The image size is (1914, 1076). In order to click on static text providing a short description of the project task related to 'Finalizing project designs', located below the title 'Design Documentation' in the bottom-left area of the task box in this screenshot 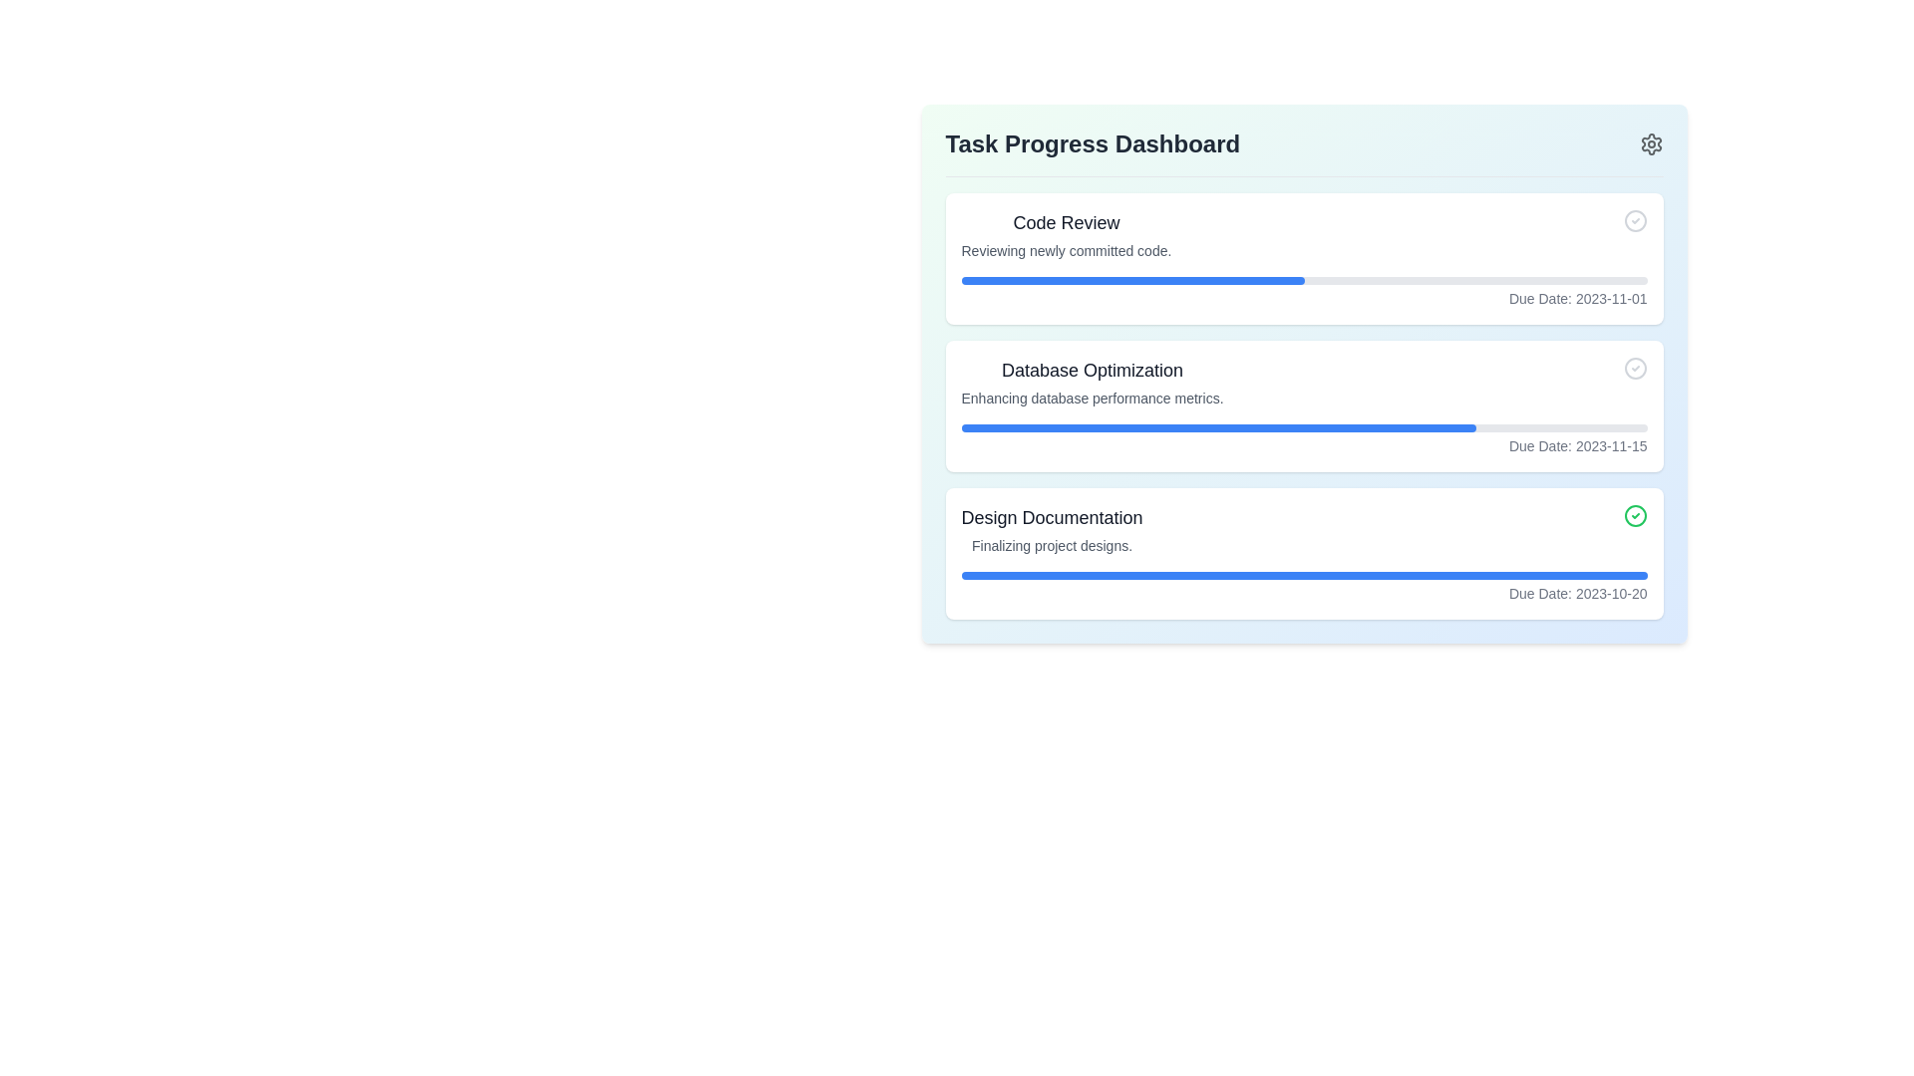, I will do `click(1051, 545)`.